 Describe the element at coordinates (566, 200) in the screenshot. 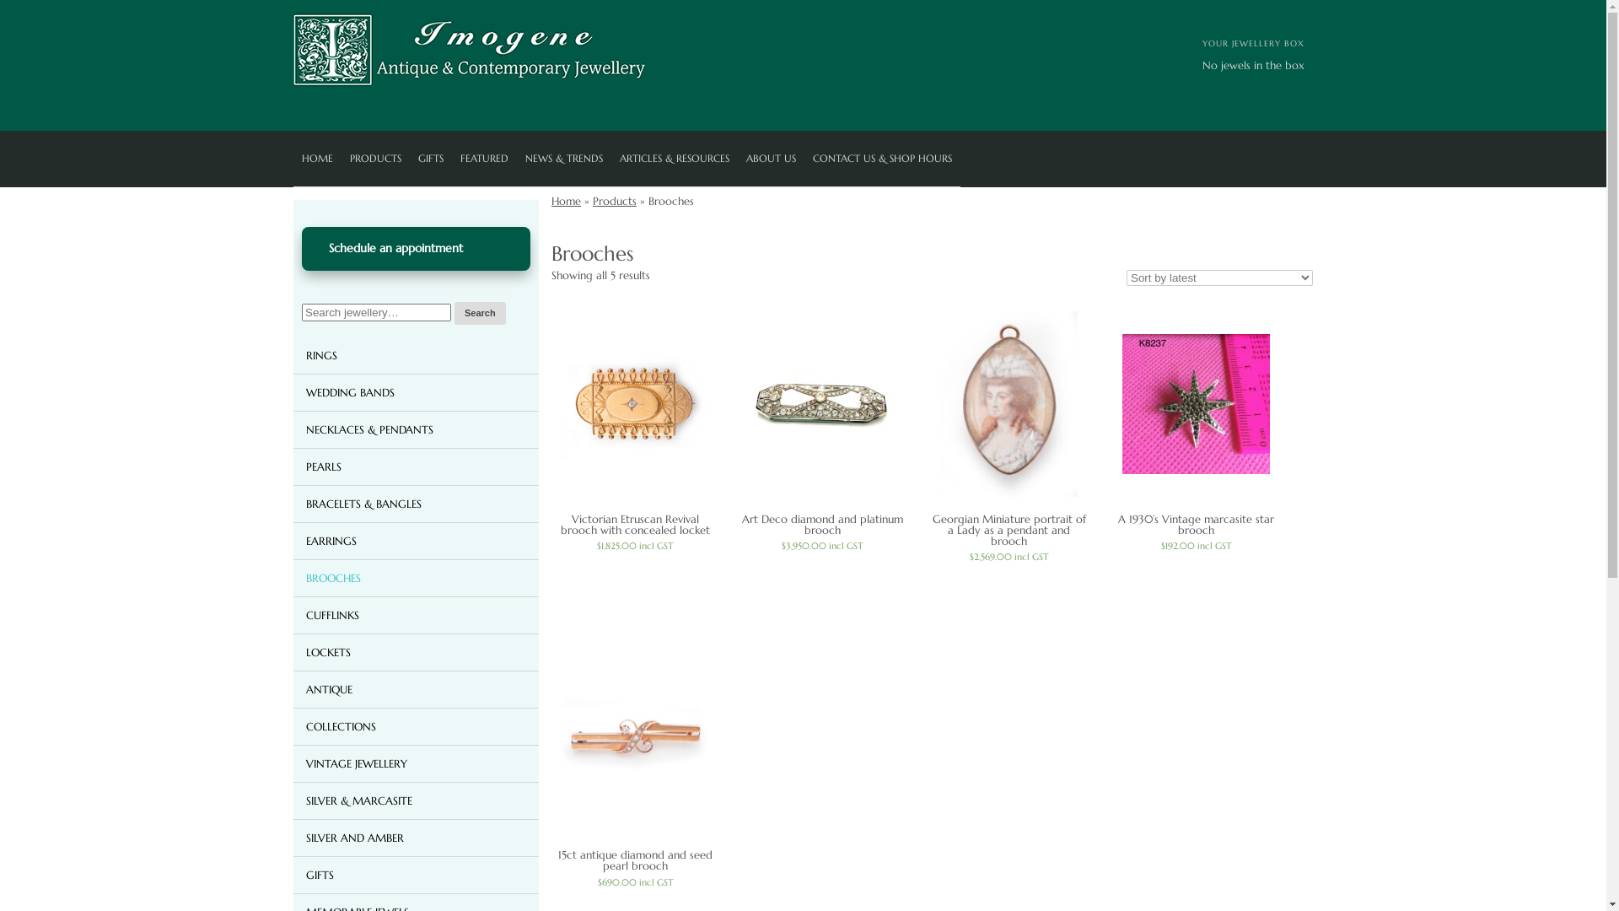

I see `'Home'` at that location.